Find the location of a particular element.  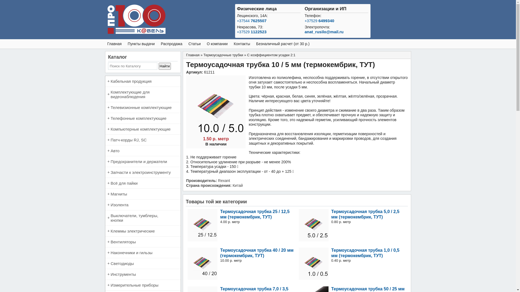

'+37544 7625507' is located at coordinates (251, 21).